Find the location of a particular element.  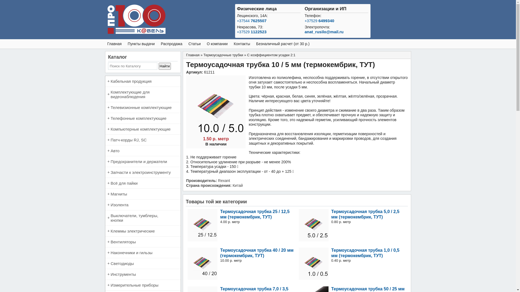

'+37544 7625507' is located at coordinates (251, 21).